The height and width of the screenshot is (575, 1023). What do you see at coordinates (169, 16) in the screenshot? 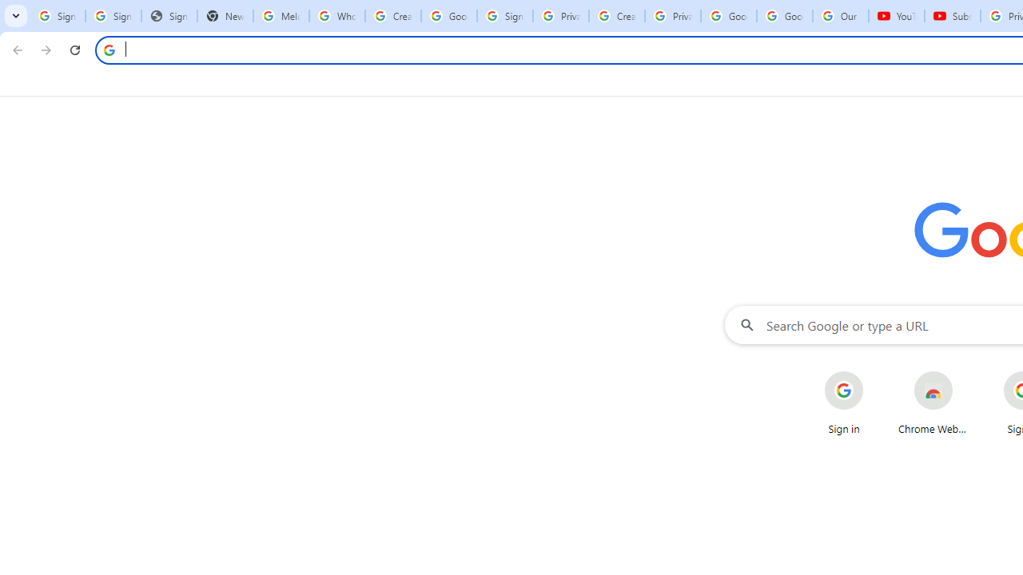
I see `'Sign In - USA TODAY'` at bounding box center [169, 16].